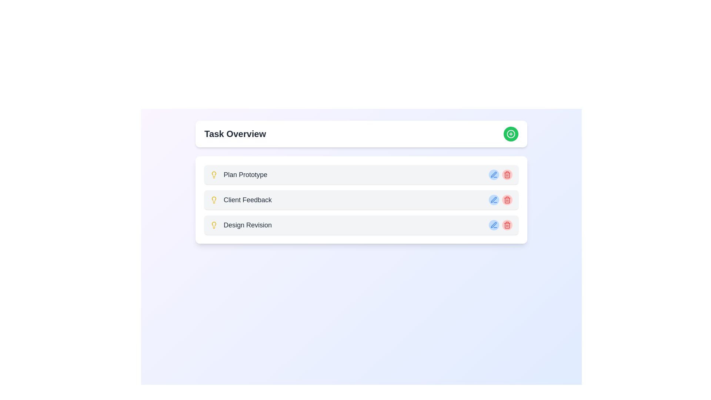 This screenshot has height=400, width=711. Describe the element at coordinates (507, 174) in the screenshot. I see `the delete button located to the right of the edit button in the task list interface to change its appearance` at that location.